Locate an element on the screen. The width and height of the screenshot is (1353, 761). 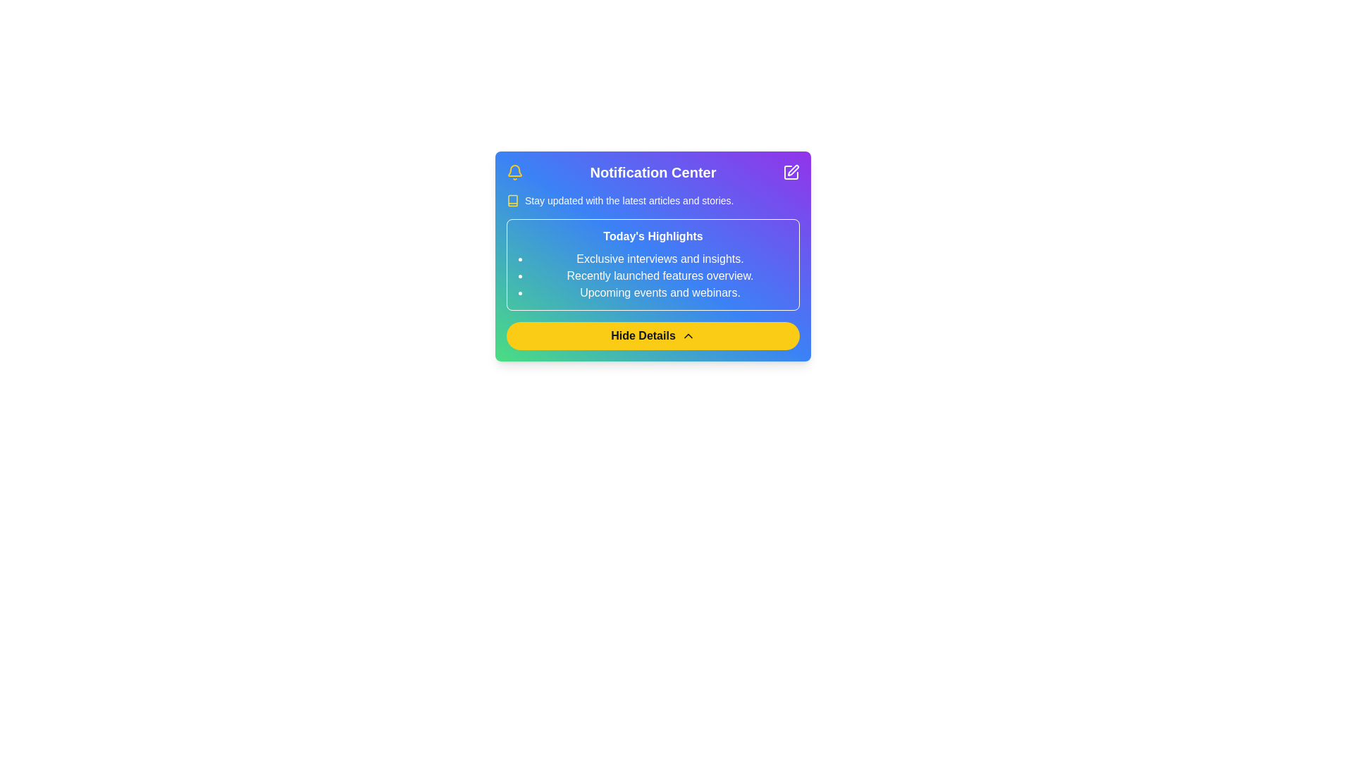
text content of the Header section titled 'Notification Center' located at the top of the card, which includes a yellow notification bell icon on the left and a white edit icon on the right is located at coordinates (652, 172).